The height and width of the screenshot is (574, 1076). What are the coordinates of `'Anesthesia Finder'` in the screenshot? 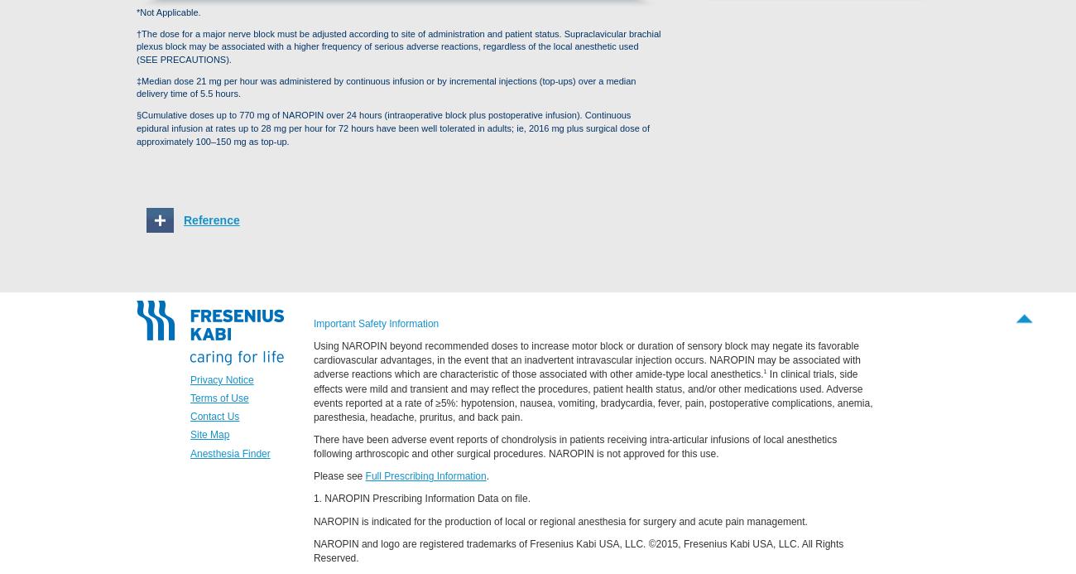 It's located at (229, 451).